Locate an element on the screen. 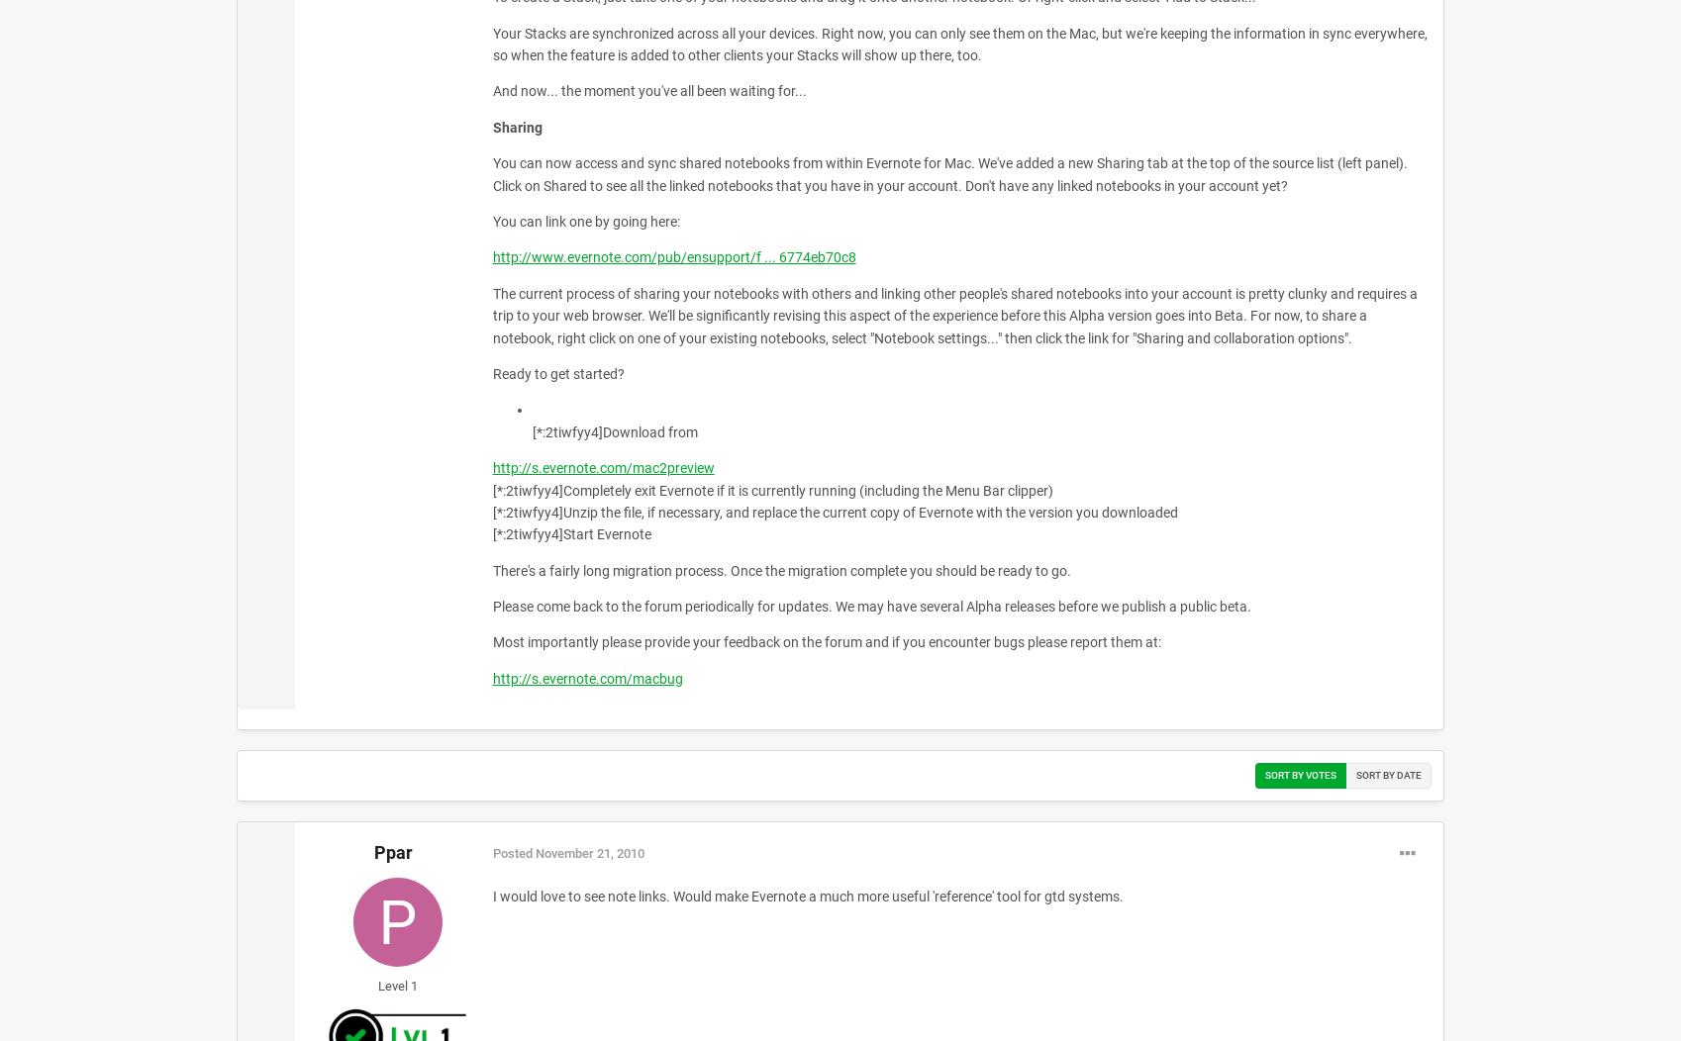 This screenshot has height=1041, width=1681. 'You can link one by going here:' is located at coordinates (491, 220).